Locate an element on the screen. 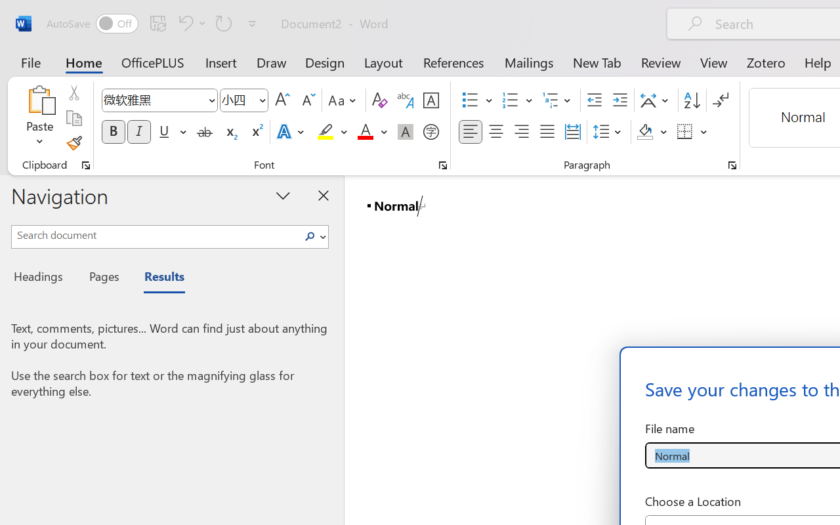  'Pages' is located at coordinates (102, 278).